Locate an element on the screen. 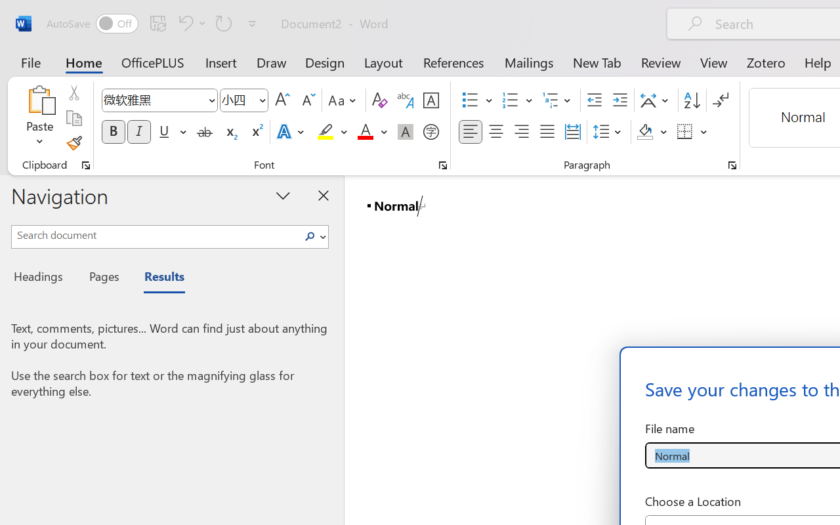  'Pages' is located at coordinates (102, 278).